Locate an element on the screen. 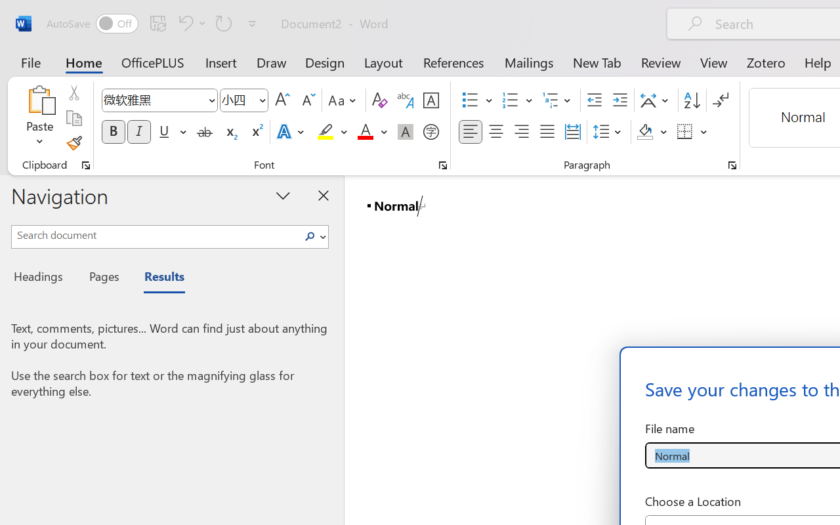  'Pages' is located at coordinates (102, 278).